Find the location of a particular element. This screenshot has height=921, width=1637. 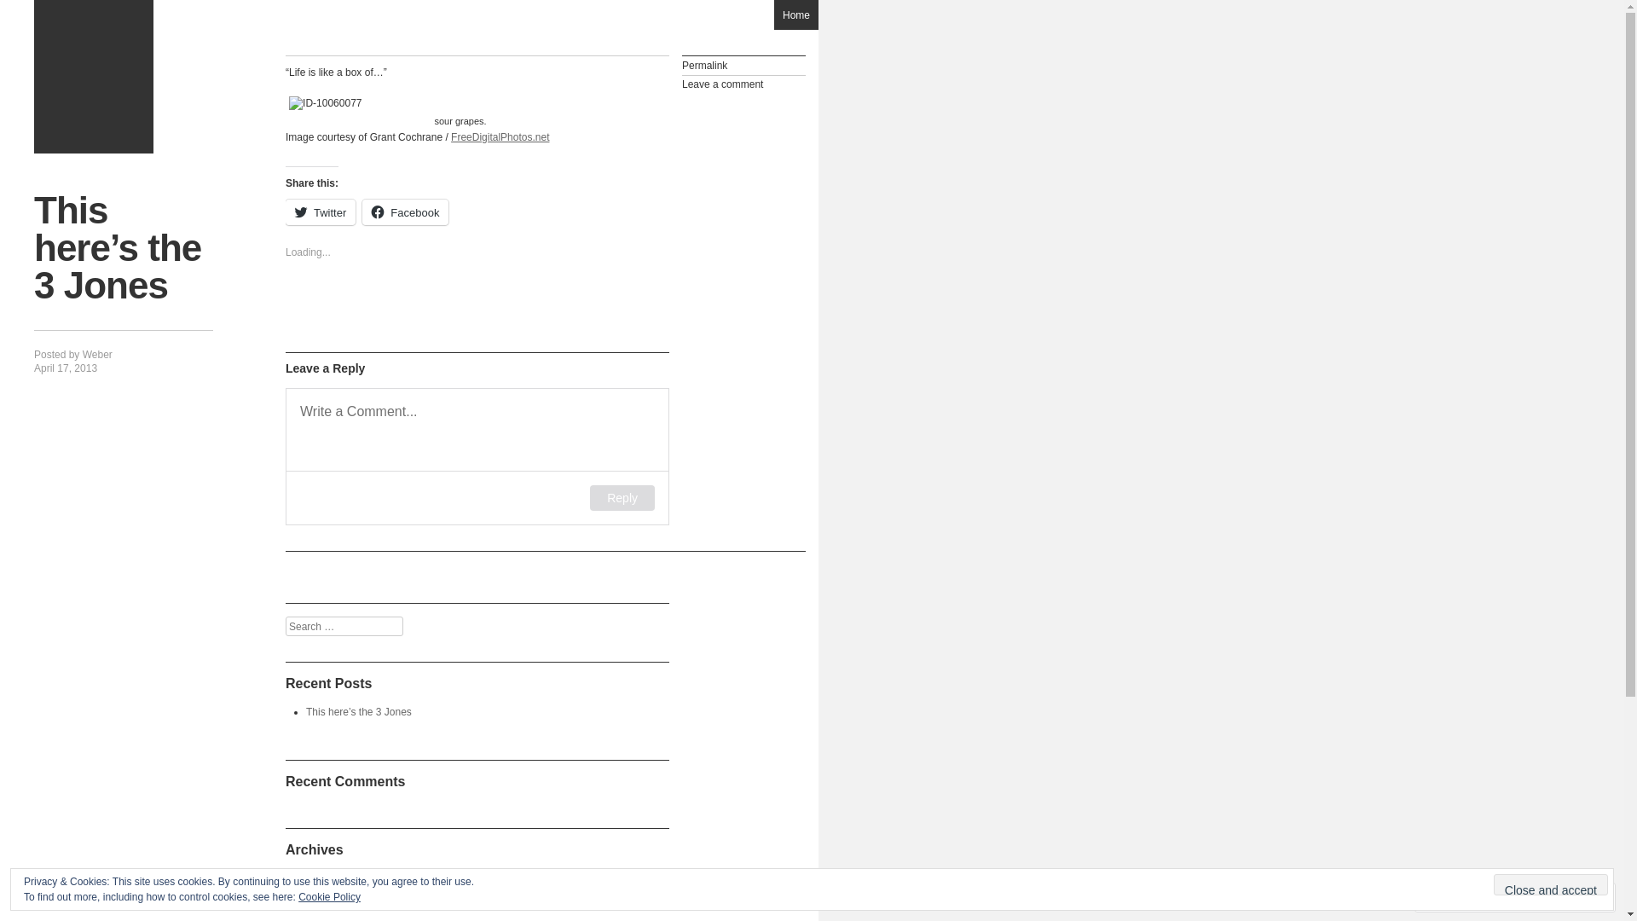

'Follow' is located at coordinates (1513, 896).